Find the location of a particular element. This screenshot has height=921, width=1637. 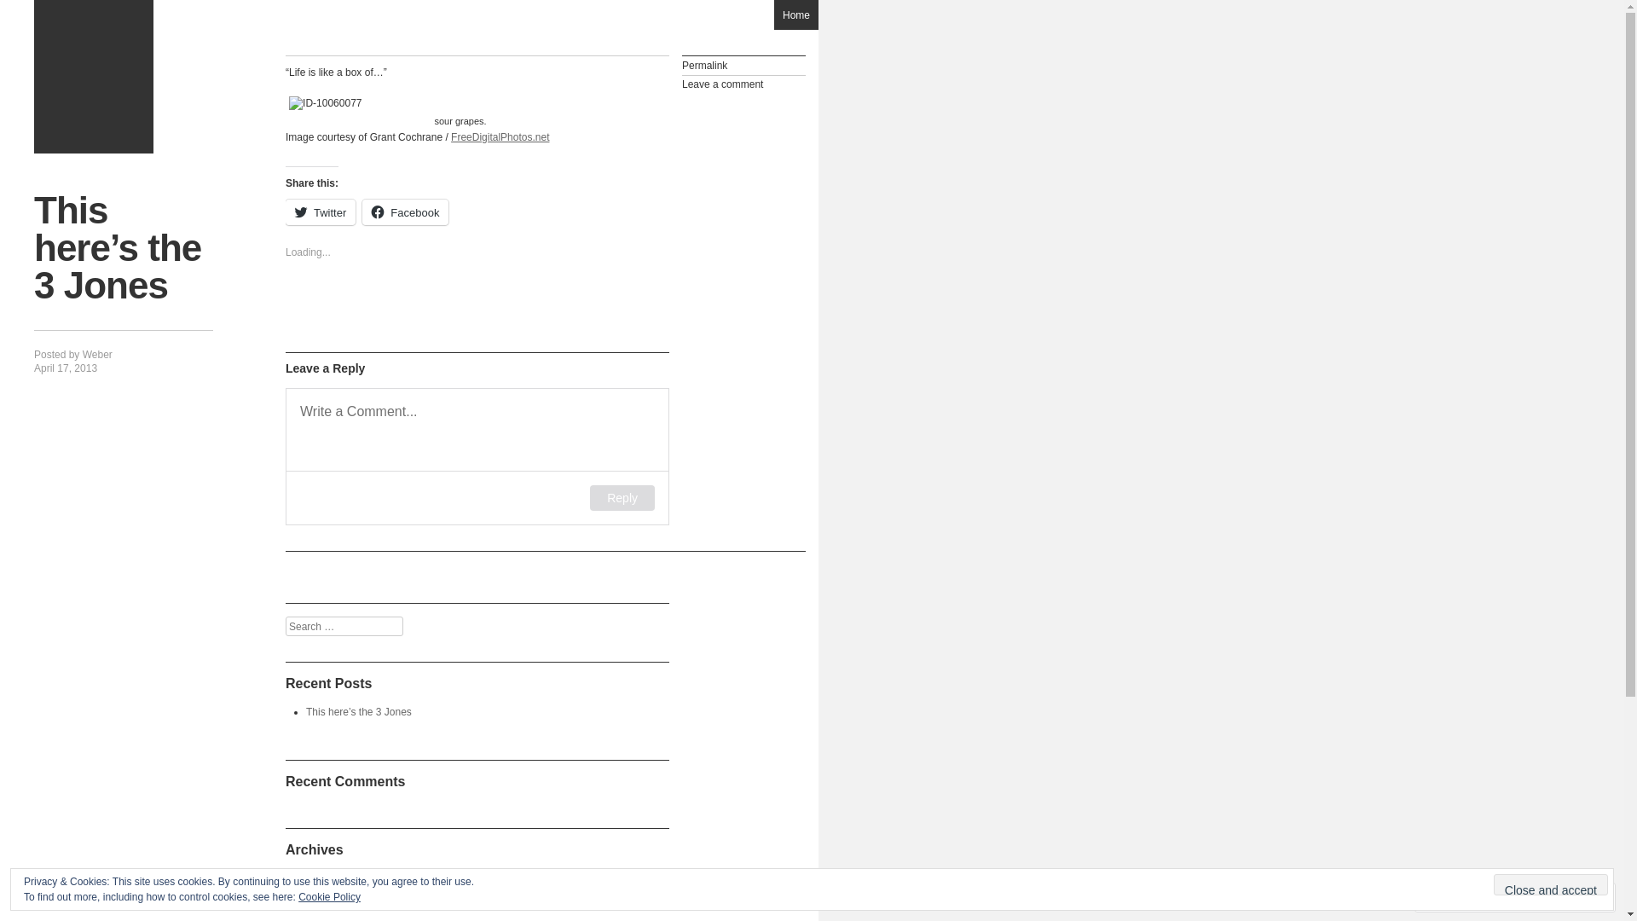

'Follow' is located at coordinates (1513, 896).